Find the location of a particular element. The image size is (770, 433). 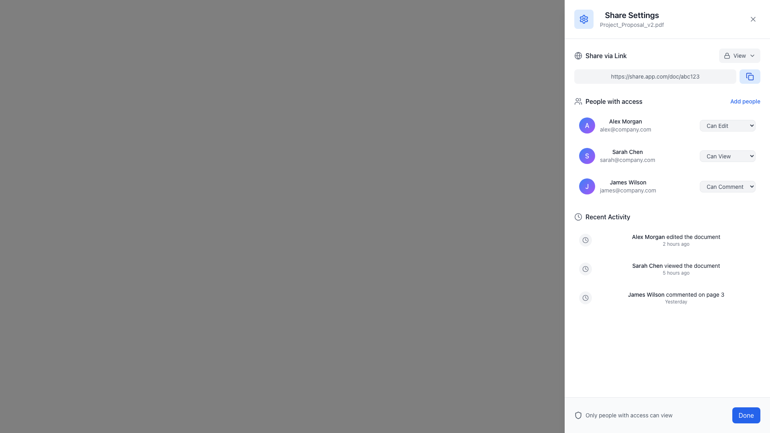

the informational text display indicating that 'James Wilson' commented on page 3 of the document, located in the 'Recent Activity' section, between 'Sarah Chen viewed the document' and 'Yesterday' is located at coordinates (675, 295).